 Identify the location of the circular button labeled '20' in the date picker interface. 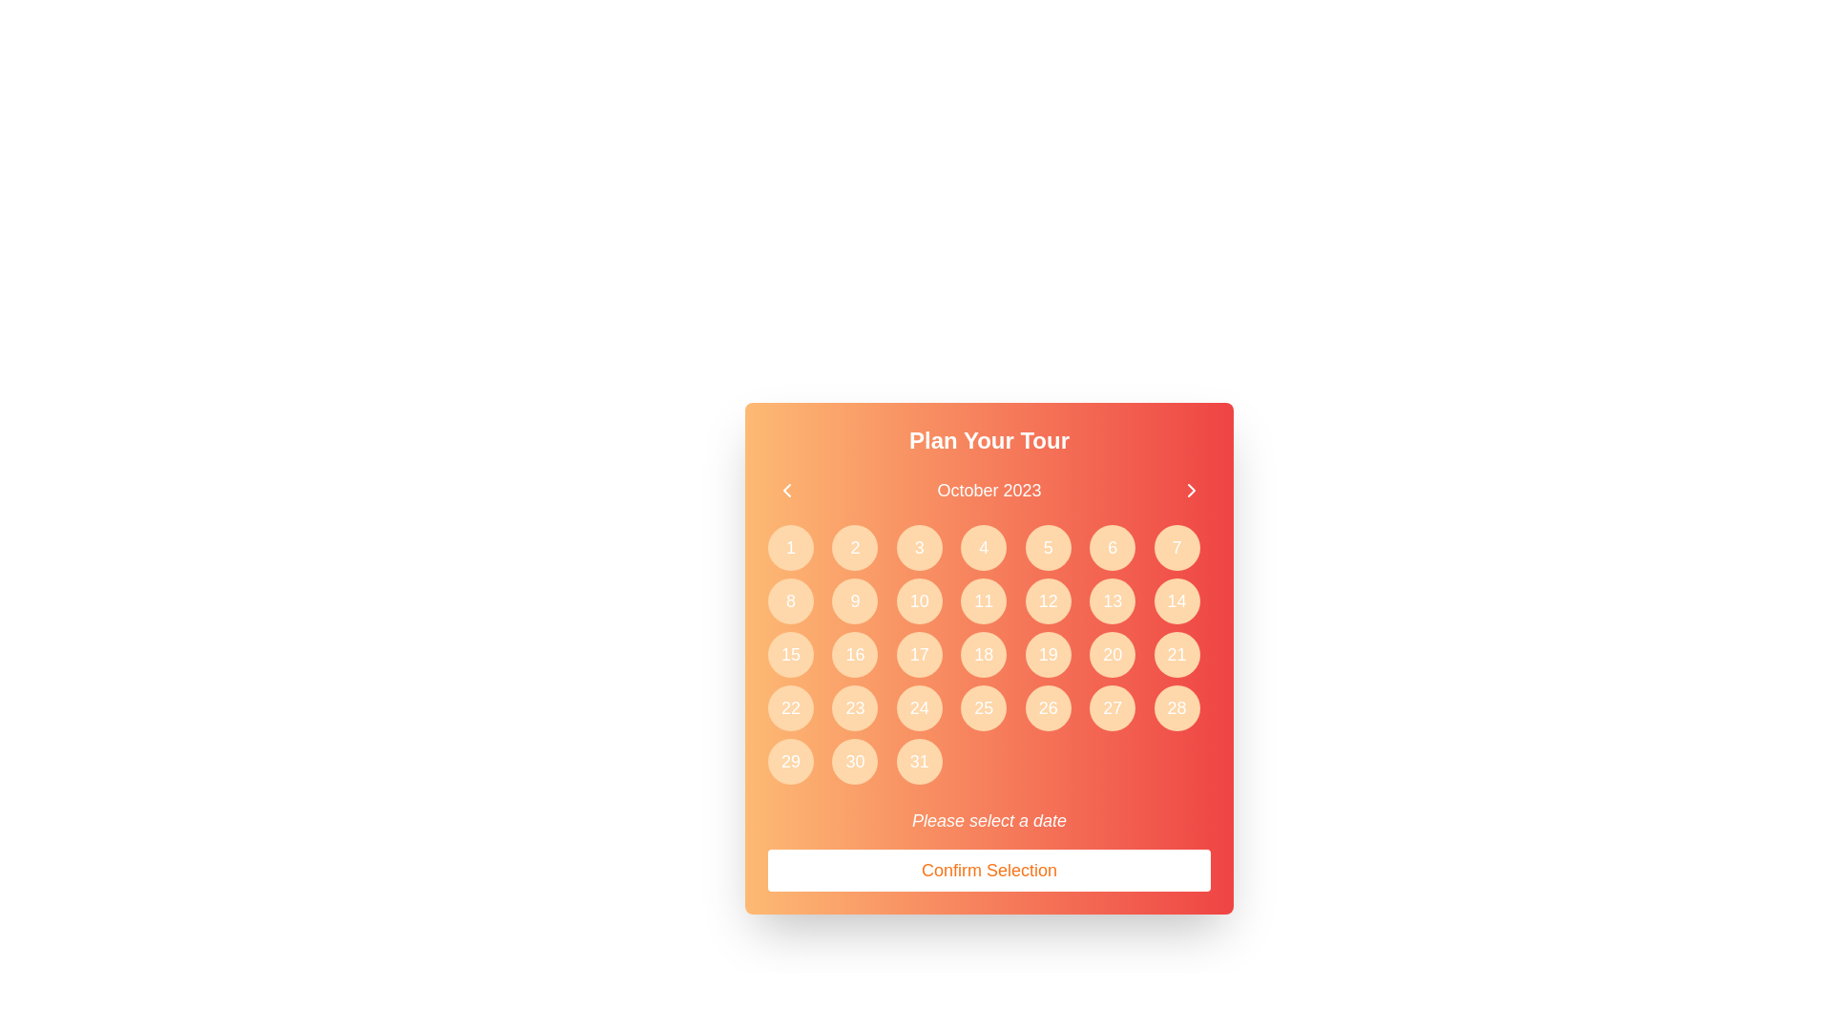
(1113, 654).